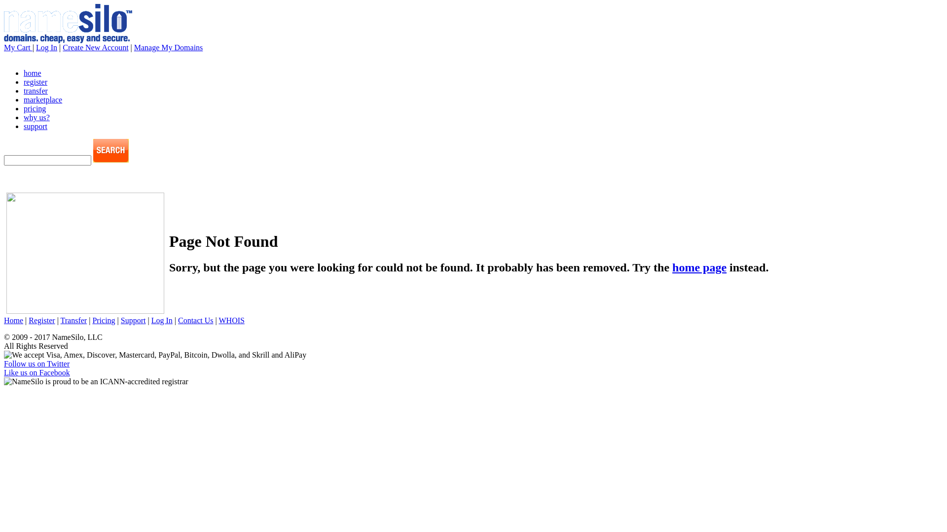 Image resolution: width=947 pixels, height=532 pixels. Describe the element at coordinates (698, 267) in the screenshot. I see `'home page'` at that location.